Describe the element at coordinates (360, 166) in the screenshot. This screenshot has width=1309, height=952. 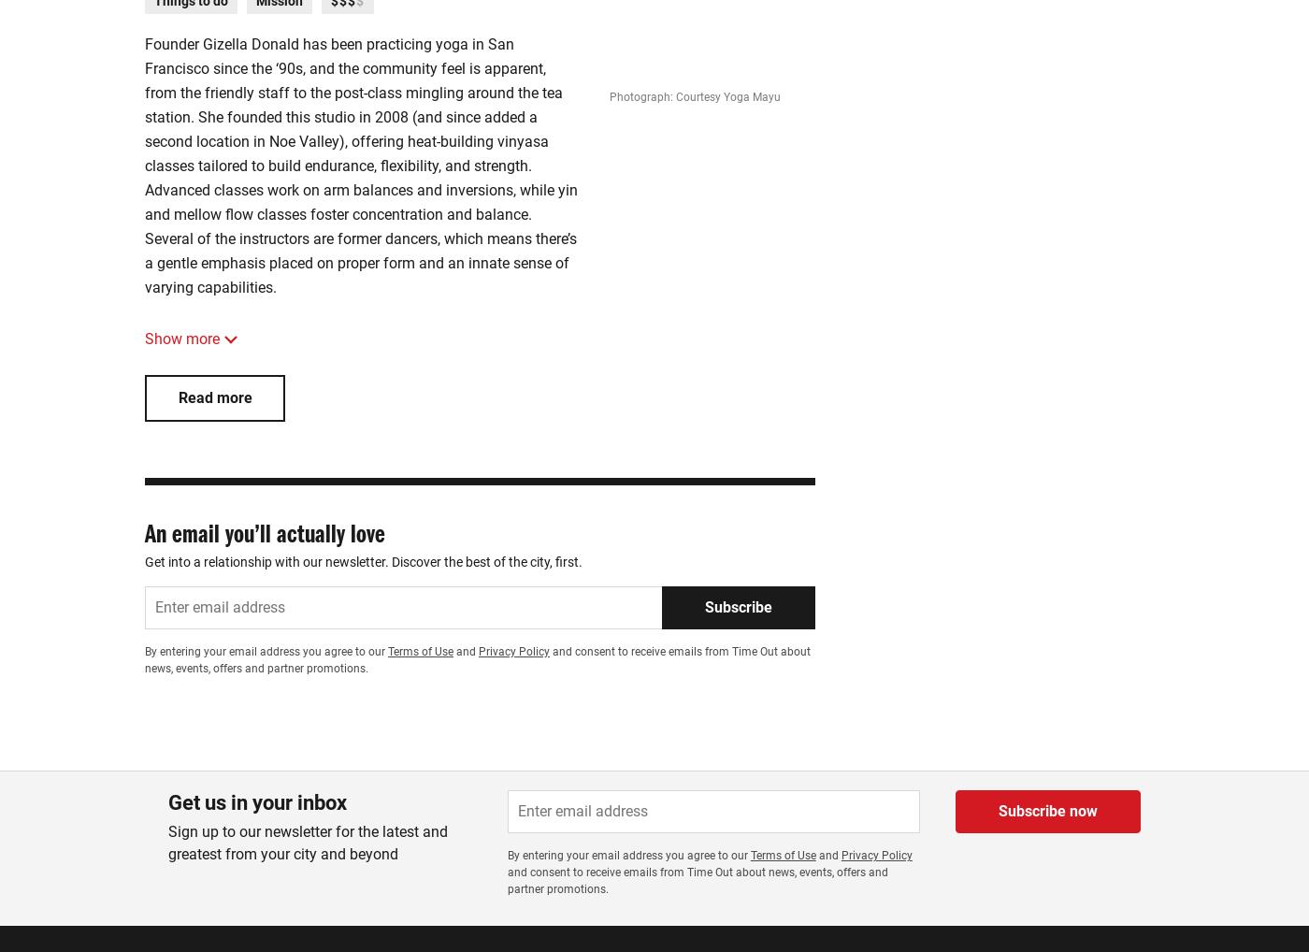
I see `'Founder Gizella Donald has been practicing yoga in San Francisco since the ‘90s, and the community feel is apparent, from the friendly staff to the post-class mingling around the tea station. She founded this studio in 2008 (and since added a second location in Noe Valley), offering heat-building vinyasa classes tailored to build endurance, flexibility, and strength. Advanced classes work on arm balances and inversions, while yin and mellow flow classes foster concentration and balance. Several of the instructors are former dancers, which means there’s a gentle emphasis placed on proper form and an innate sense of varying capabilities.'` at that location.